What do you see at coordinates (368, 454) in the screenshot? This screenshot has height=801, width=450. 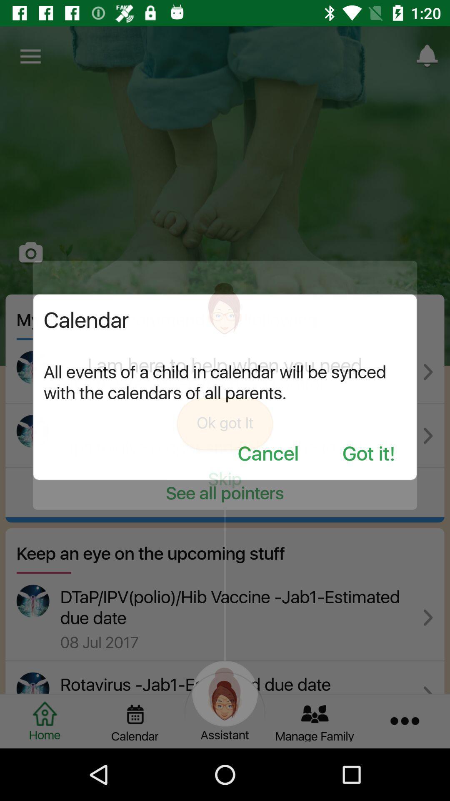 I see `got it!` at bounding box center [368, 454].